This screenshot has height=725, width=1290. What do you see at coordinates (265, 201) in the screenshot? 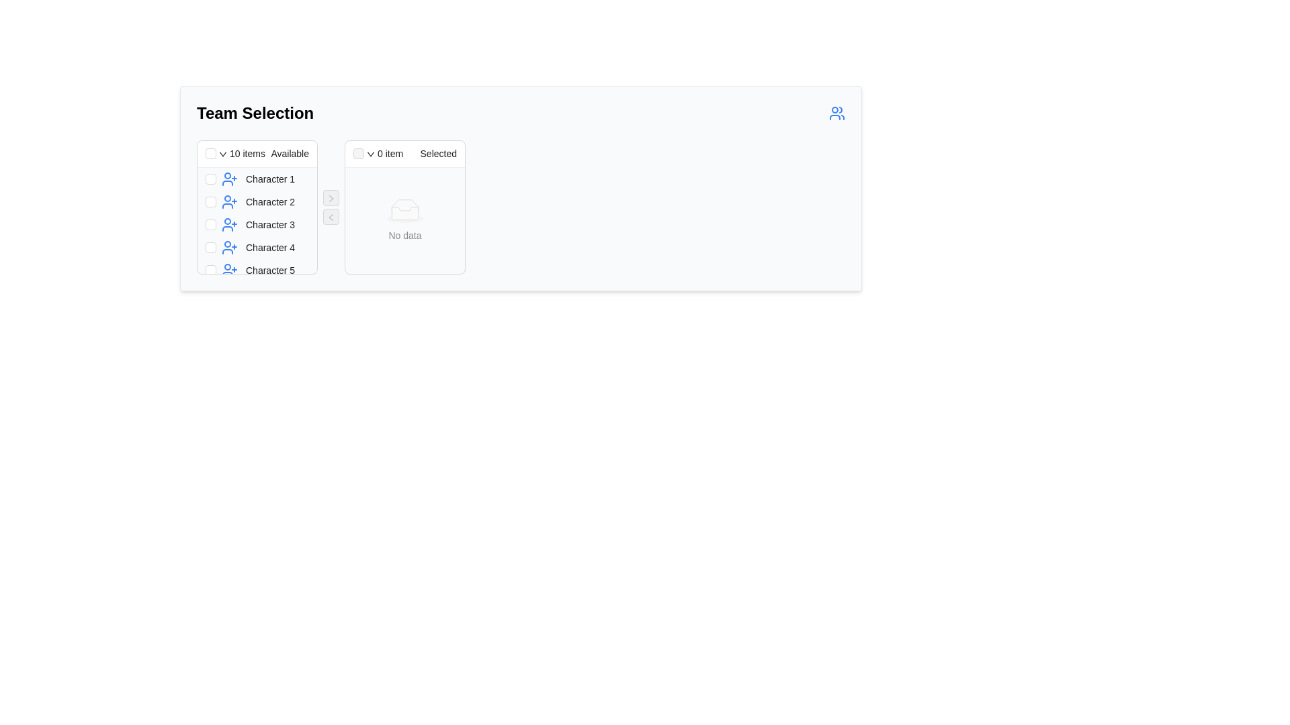
I see `the list entry displaying 'Character 2' with a user icon and plus sign to observe its styling` at bounding box center [265, 201].